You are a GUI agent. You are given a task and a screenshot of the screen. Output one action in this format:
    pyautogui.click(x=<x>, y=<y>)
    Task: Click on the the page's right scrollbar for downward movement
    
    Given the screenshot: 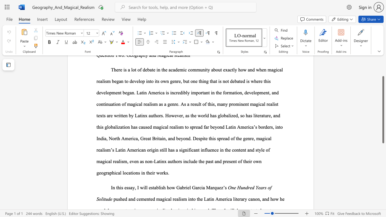 What is the action you would take?
    pyautogui.click(x=383, y=166)
    